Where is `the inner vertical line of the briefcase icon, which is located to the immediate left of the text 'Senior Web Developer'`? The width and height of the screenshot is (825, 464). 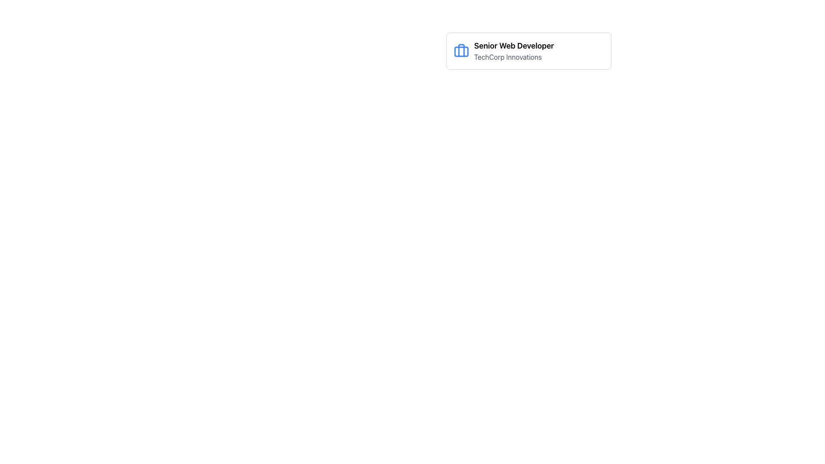
the inner vertical line of the briefcase icon, which is located to the immediate left of the text 'Senior Web Developer' is located at coordinates (461, 50).